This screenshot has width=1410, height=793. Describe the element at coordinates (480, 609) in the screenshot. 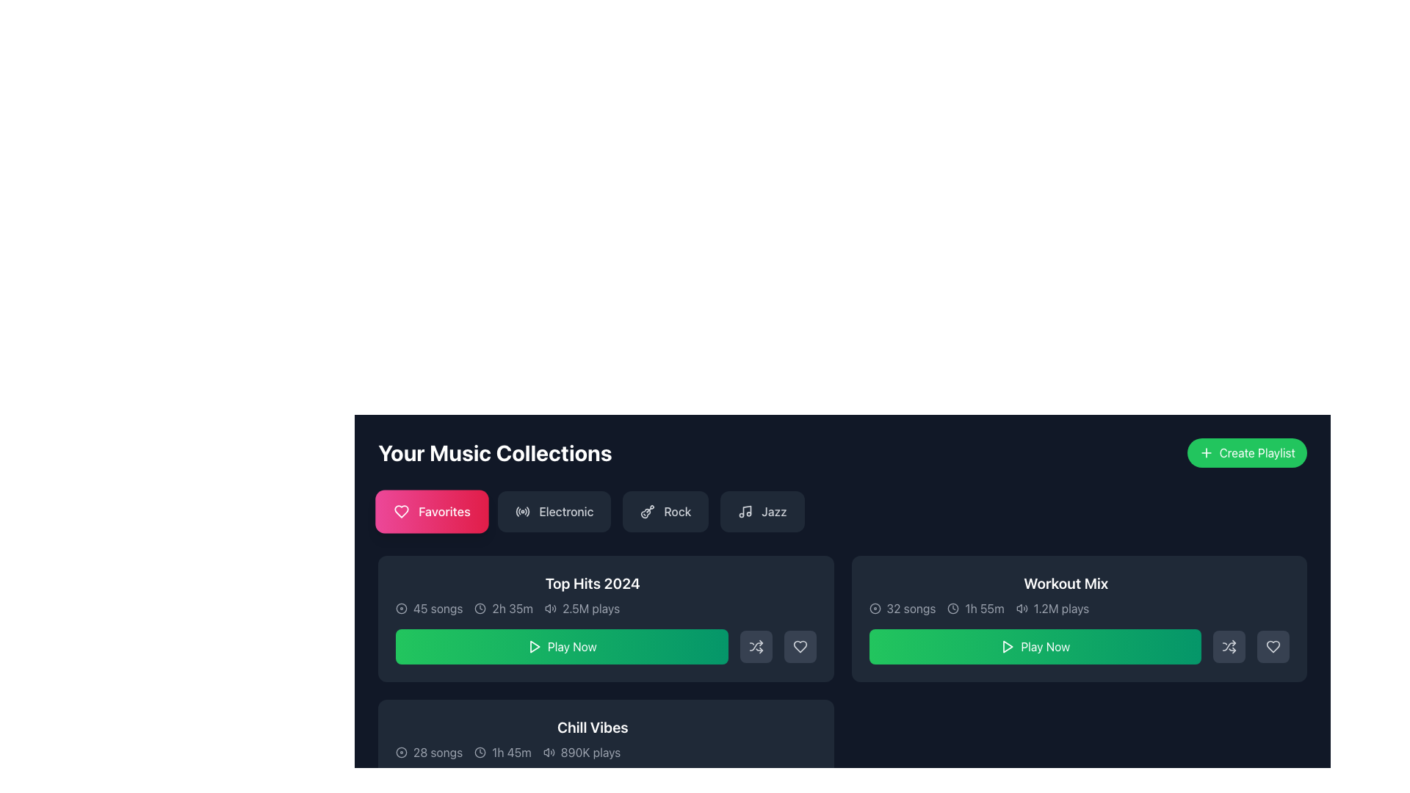

I see `the small circular clock icon located to the left of the textual indicator '2h 35m', which is part of the duration label group` at that location.